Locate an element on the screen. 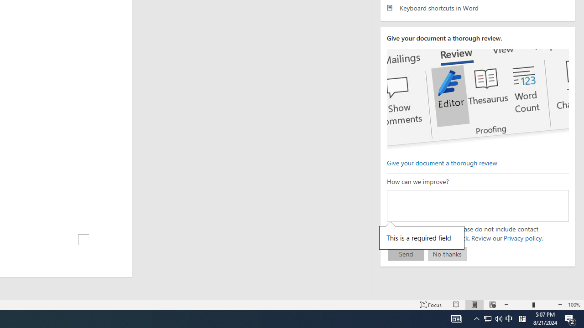 Image resolution: width=584 pixels, height=328 pixels. 'Keyboard shortcuts in Word' is located at coordinates (477, 8).